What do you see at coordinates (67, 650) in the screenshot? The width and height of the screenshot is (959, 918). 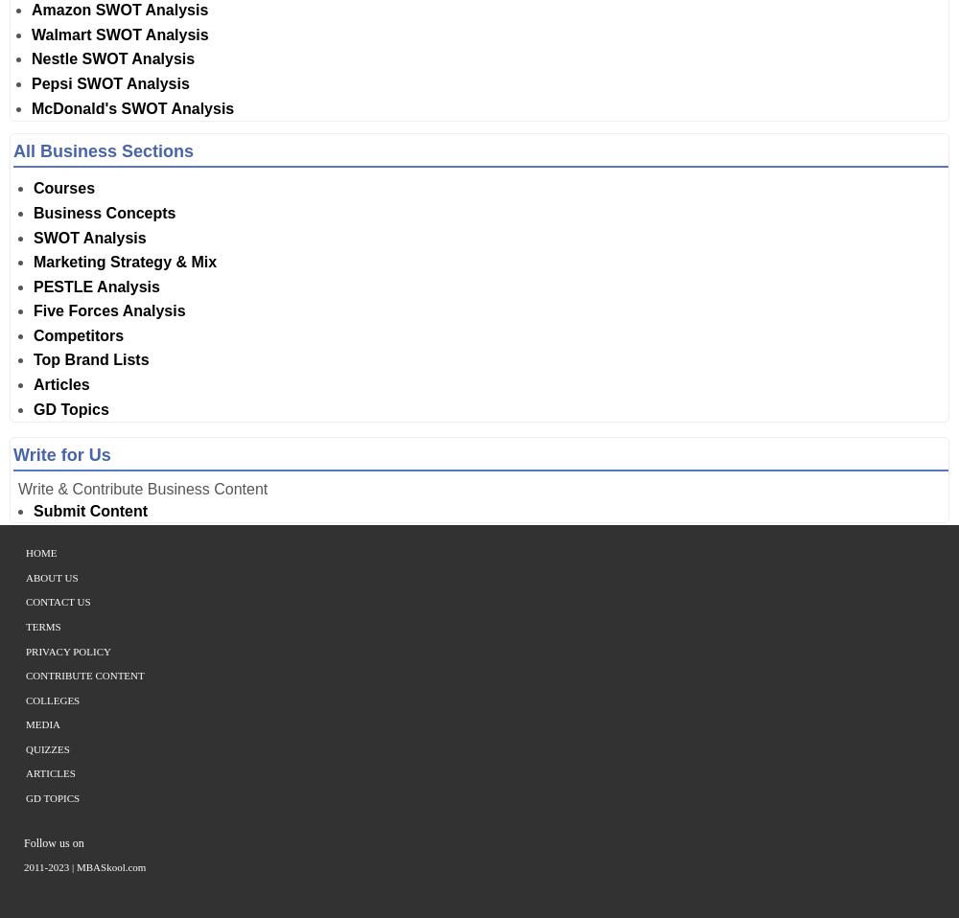 I see `'Privacy Policy'` at bounding box center [67, 650].